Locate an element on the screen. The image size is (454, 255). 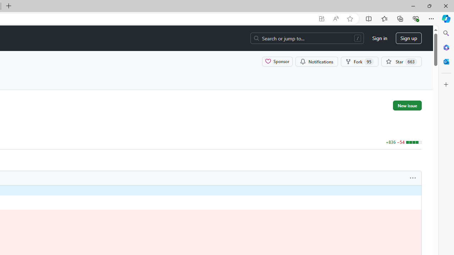
'App available. Install GitHub' is located at coordinates (321, 18).